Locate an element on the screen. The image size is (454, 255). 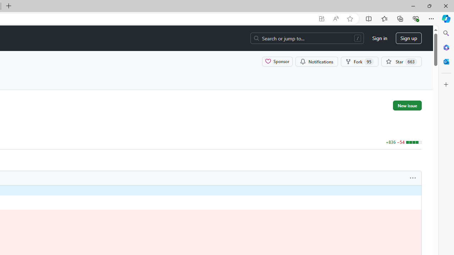
'App available. Install GitHub' is located at coordinates (321, 18).